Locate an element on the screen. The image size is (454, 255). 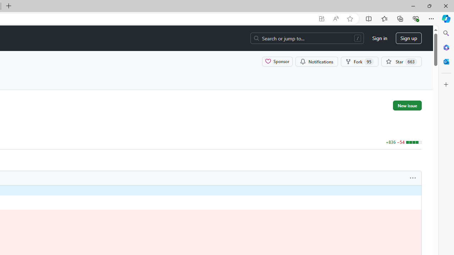
'App available. Install GitHub' is located at coordinates (321, 18).